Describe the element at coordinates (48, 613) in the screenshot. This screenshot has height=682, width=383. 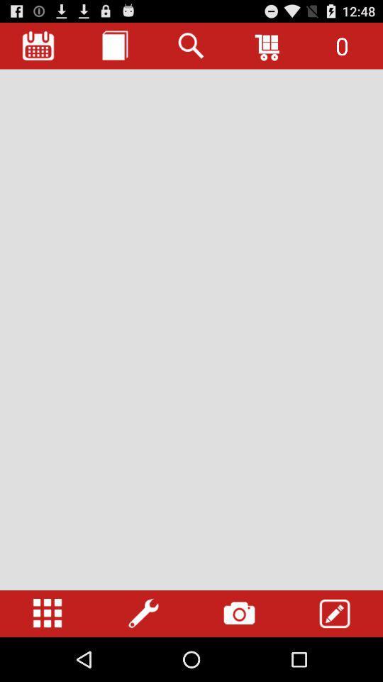
I see `numbers` at that location.